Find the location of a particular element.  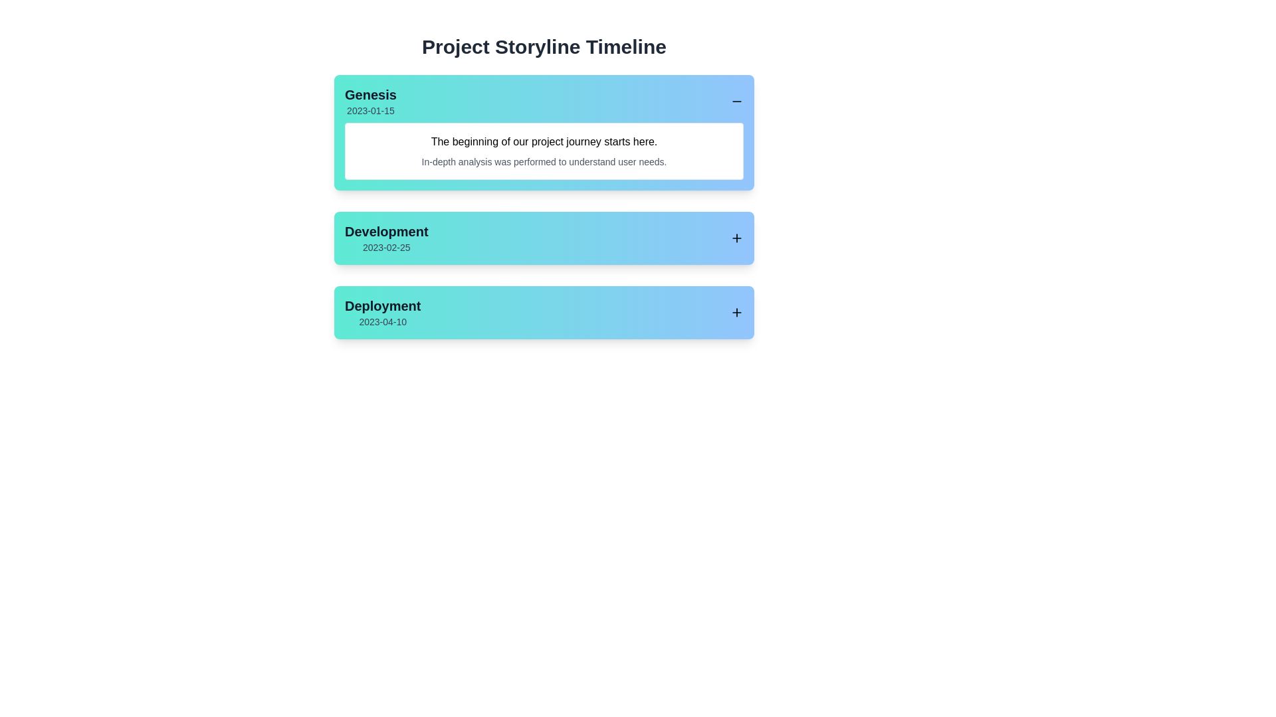

the plus icon located at the rightmost side of the 'Deployment' section is located at coordinates (736, 312).